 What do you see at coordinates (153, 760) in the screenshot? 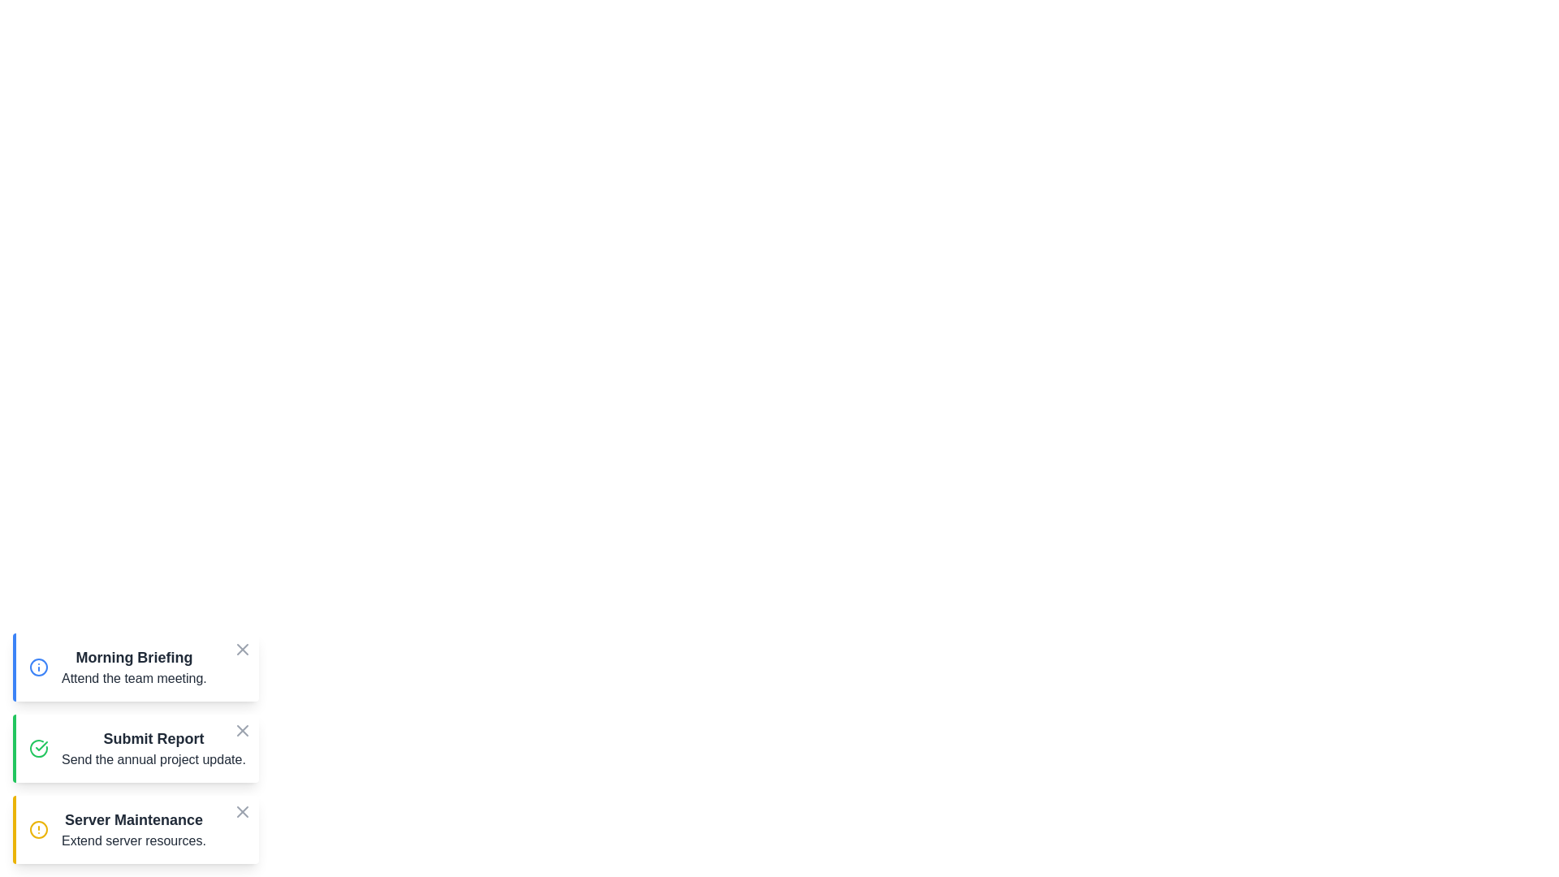
I see `text string that says 'Send the annual project update.' which is located directly below the heading 'Submit Report' in the second task of the list` at bounding box center [153, 760].